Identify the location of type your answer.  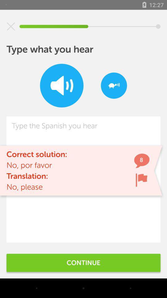
(83, 179).